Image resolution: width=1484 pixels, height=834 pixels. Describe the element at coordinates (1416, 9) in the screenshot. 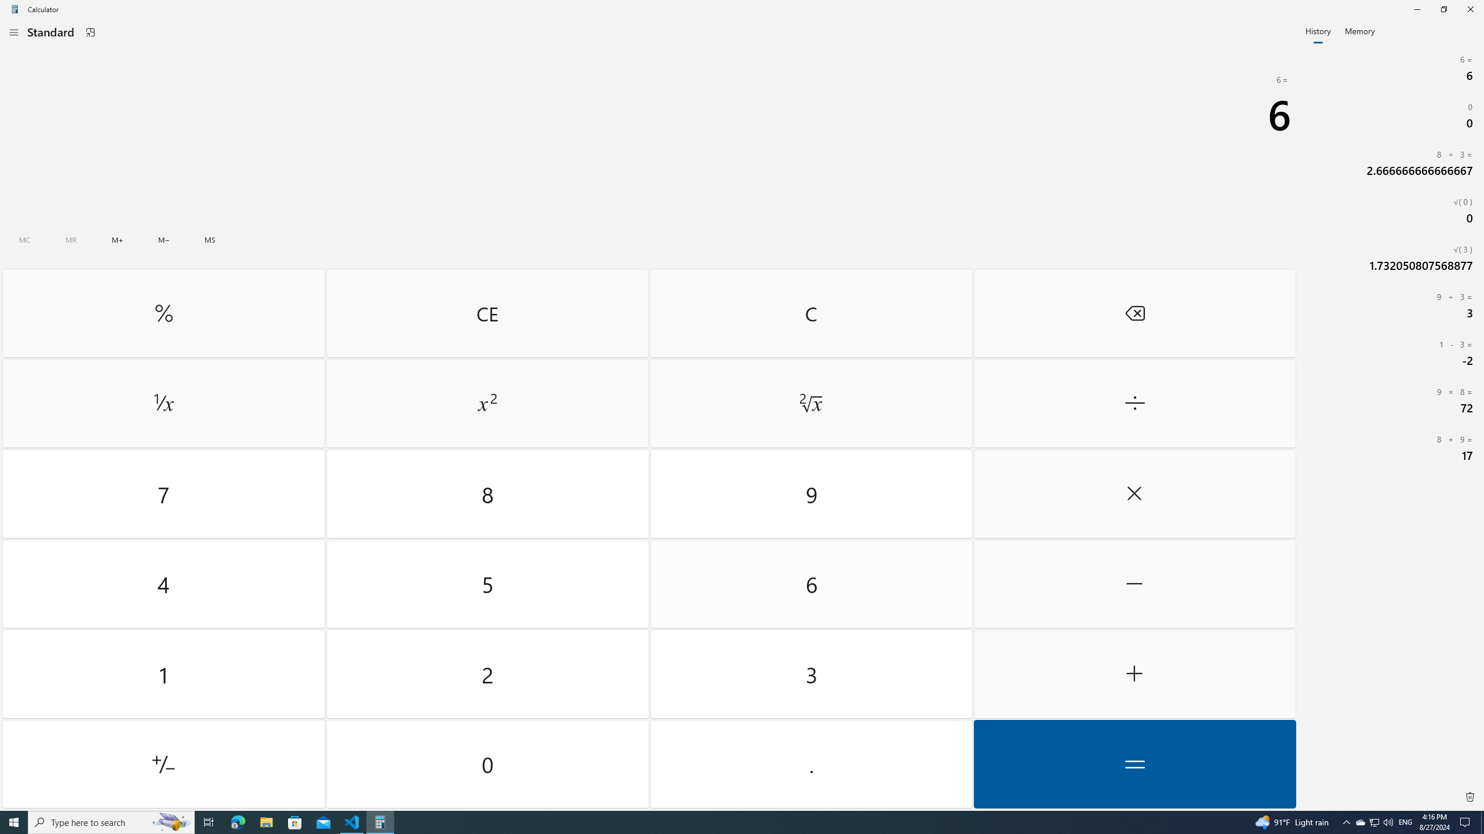

I see `'Minimize Calculator'` at that location.